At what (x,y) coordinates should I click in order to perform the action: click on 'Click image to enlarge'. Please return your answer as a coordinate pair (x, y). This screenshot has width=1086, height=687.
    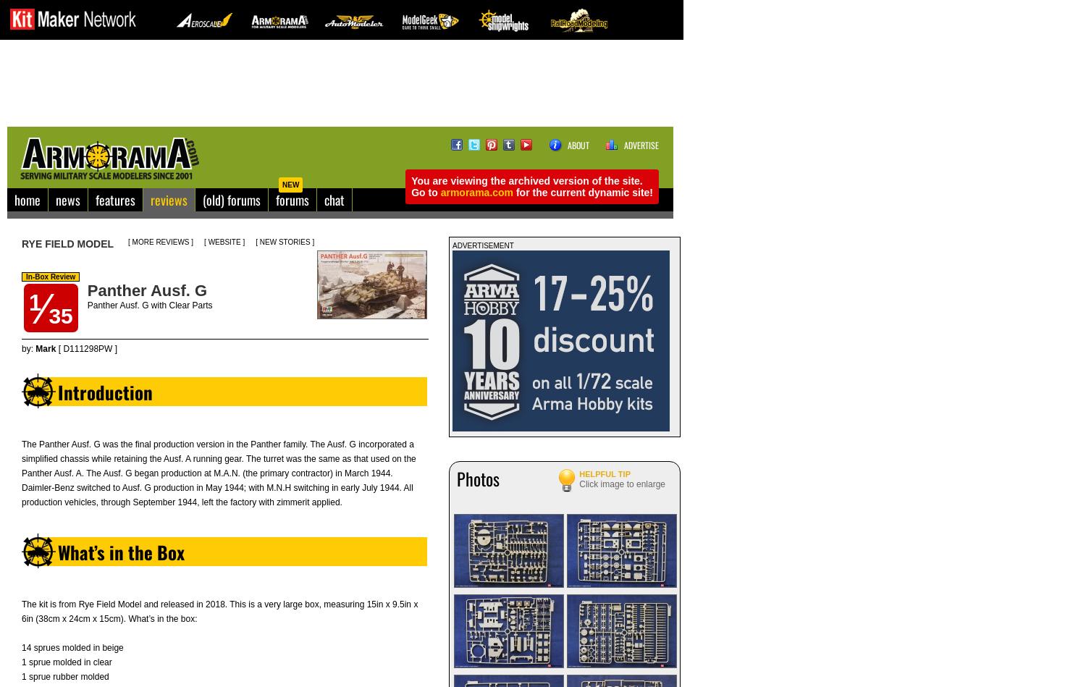
    Looking at the image, I should click on (578, 484).